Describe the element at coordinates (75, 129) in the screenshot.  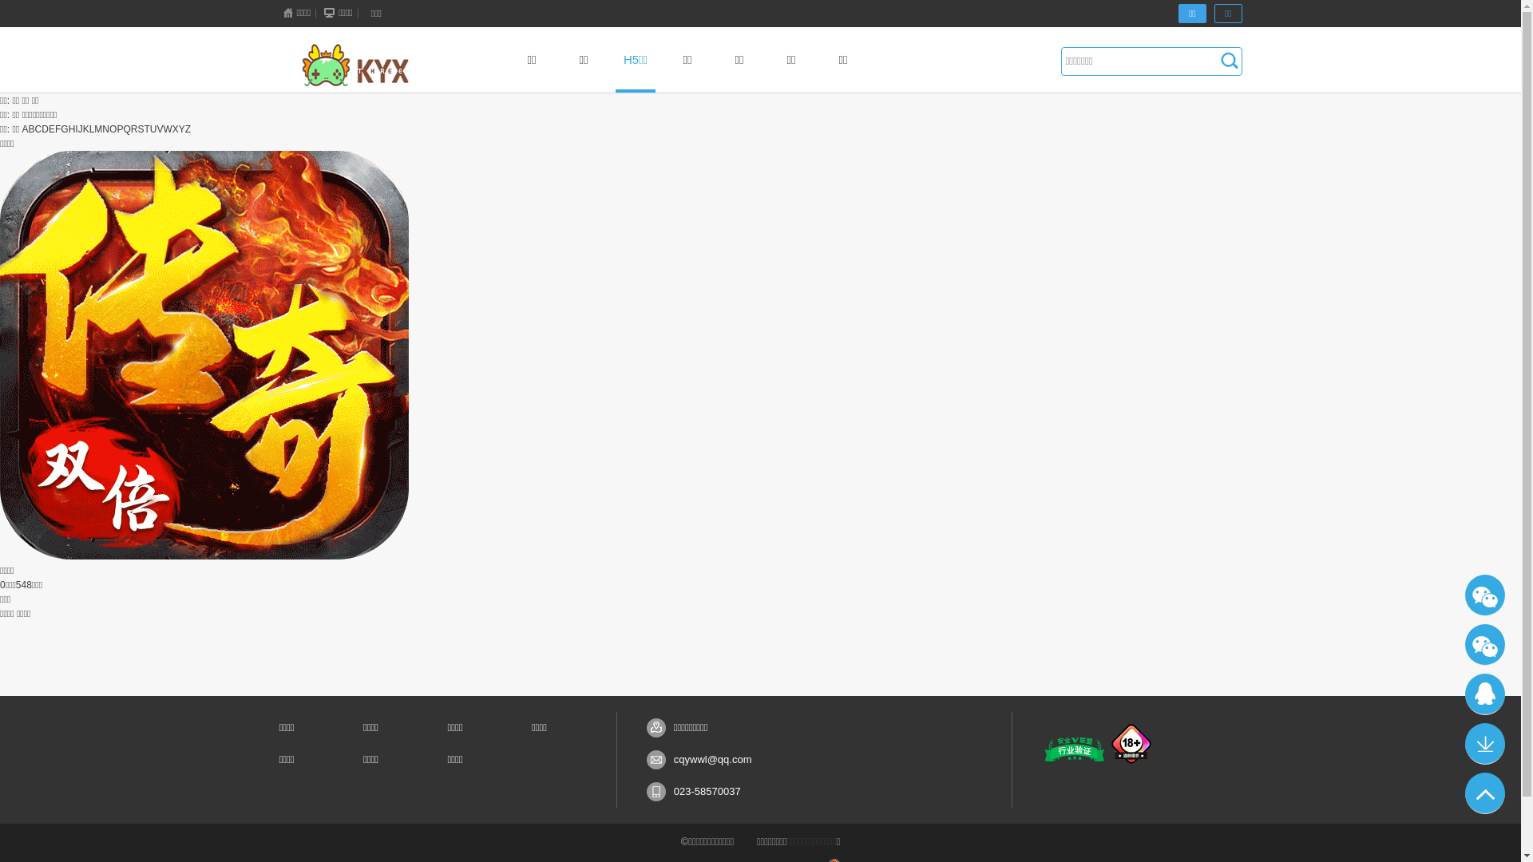
I see `'I'` at that location.